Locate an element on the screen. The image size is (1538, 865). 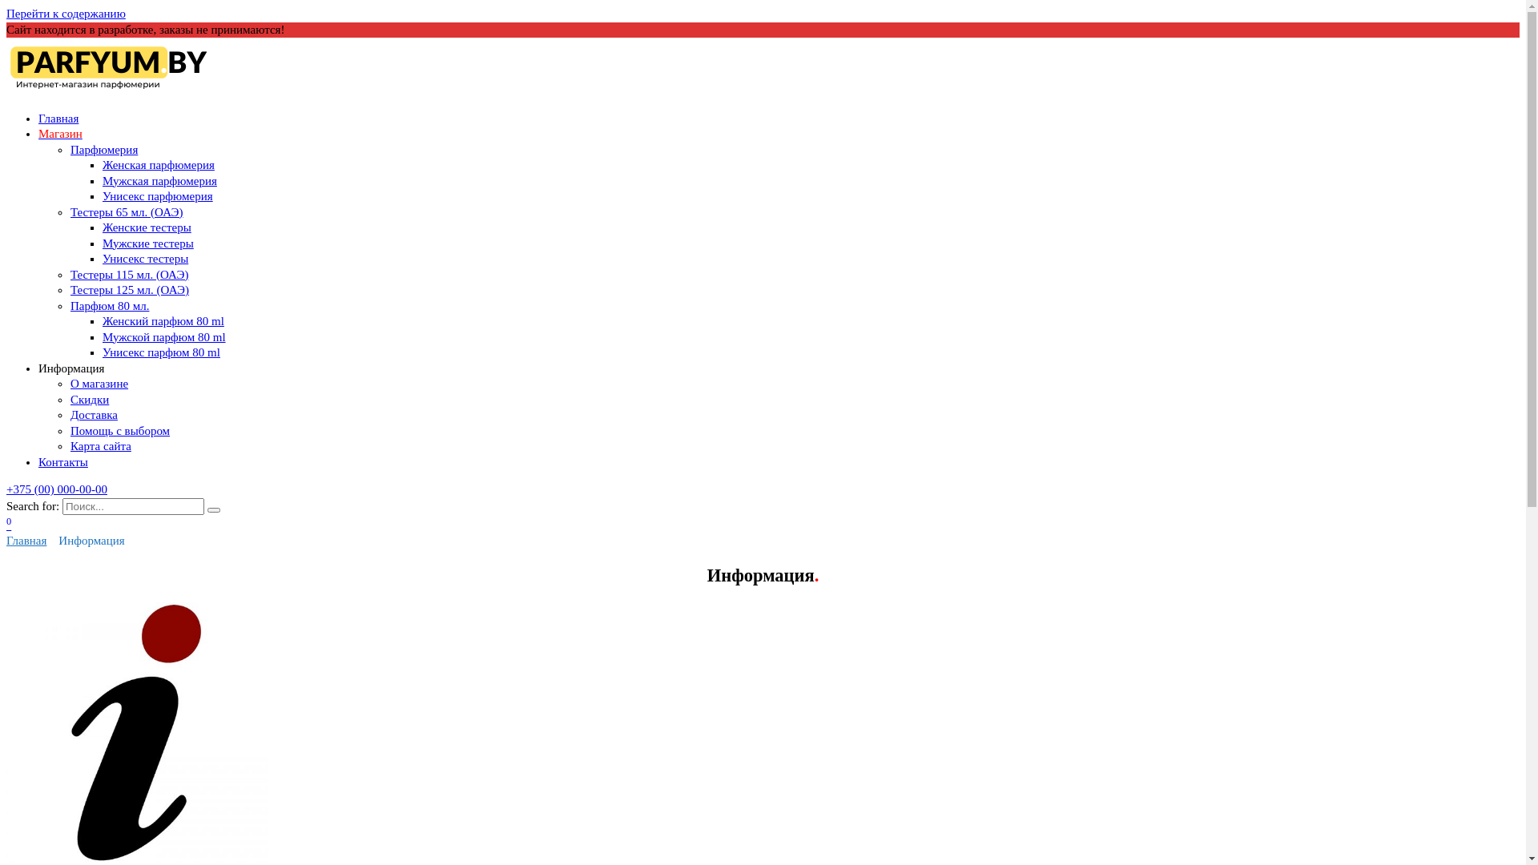
'0' is located at coordinates (6, 525).